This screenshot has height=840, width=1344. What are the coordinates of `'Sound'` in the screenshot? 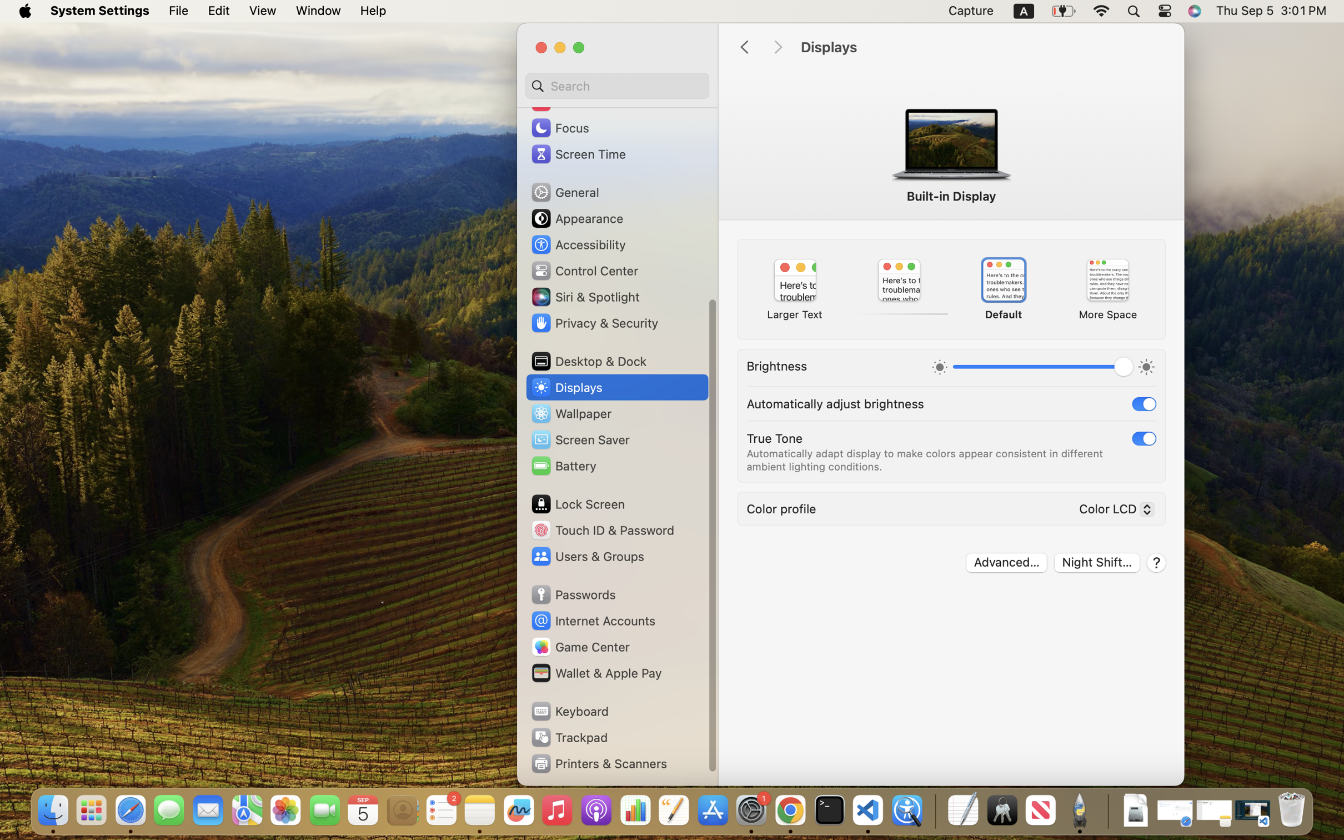 It's located at (560, 101).